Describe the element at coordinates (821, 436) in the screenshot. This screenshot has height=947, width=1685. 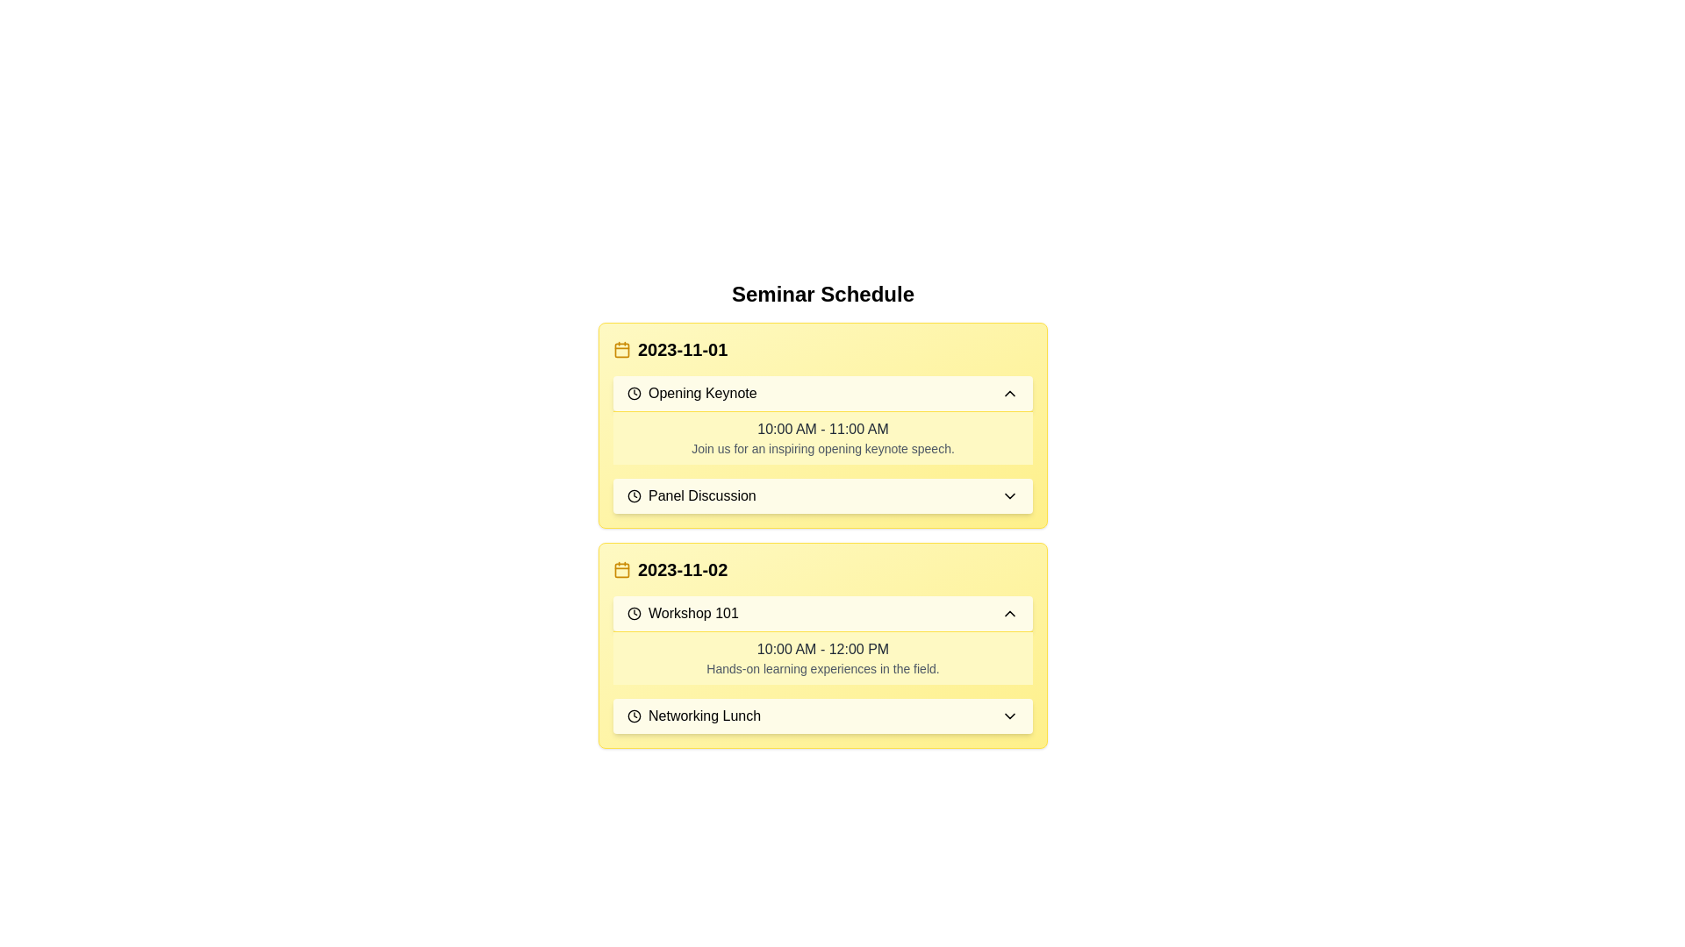
I see `the Text block with a styled background that provides information about the opening keynote speech scheduled from 10:00 AM to 11:00 AM under the 'Opening Keynote' section for the date '2023-11-01'` at that location.